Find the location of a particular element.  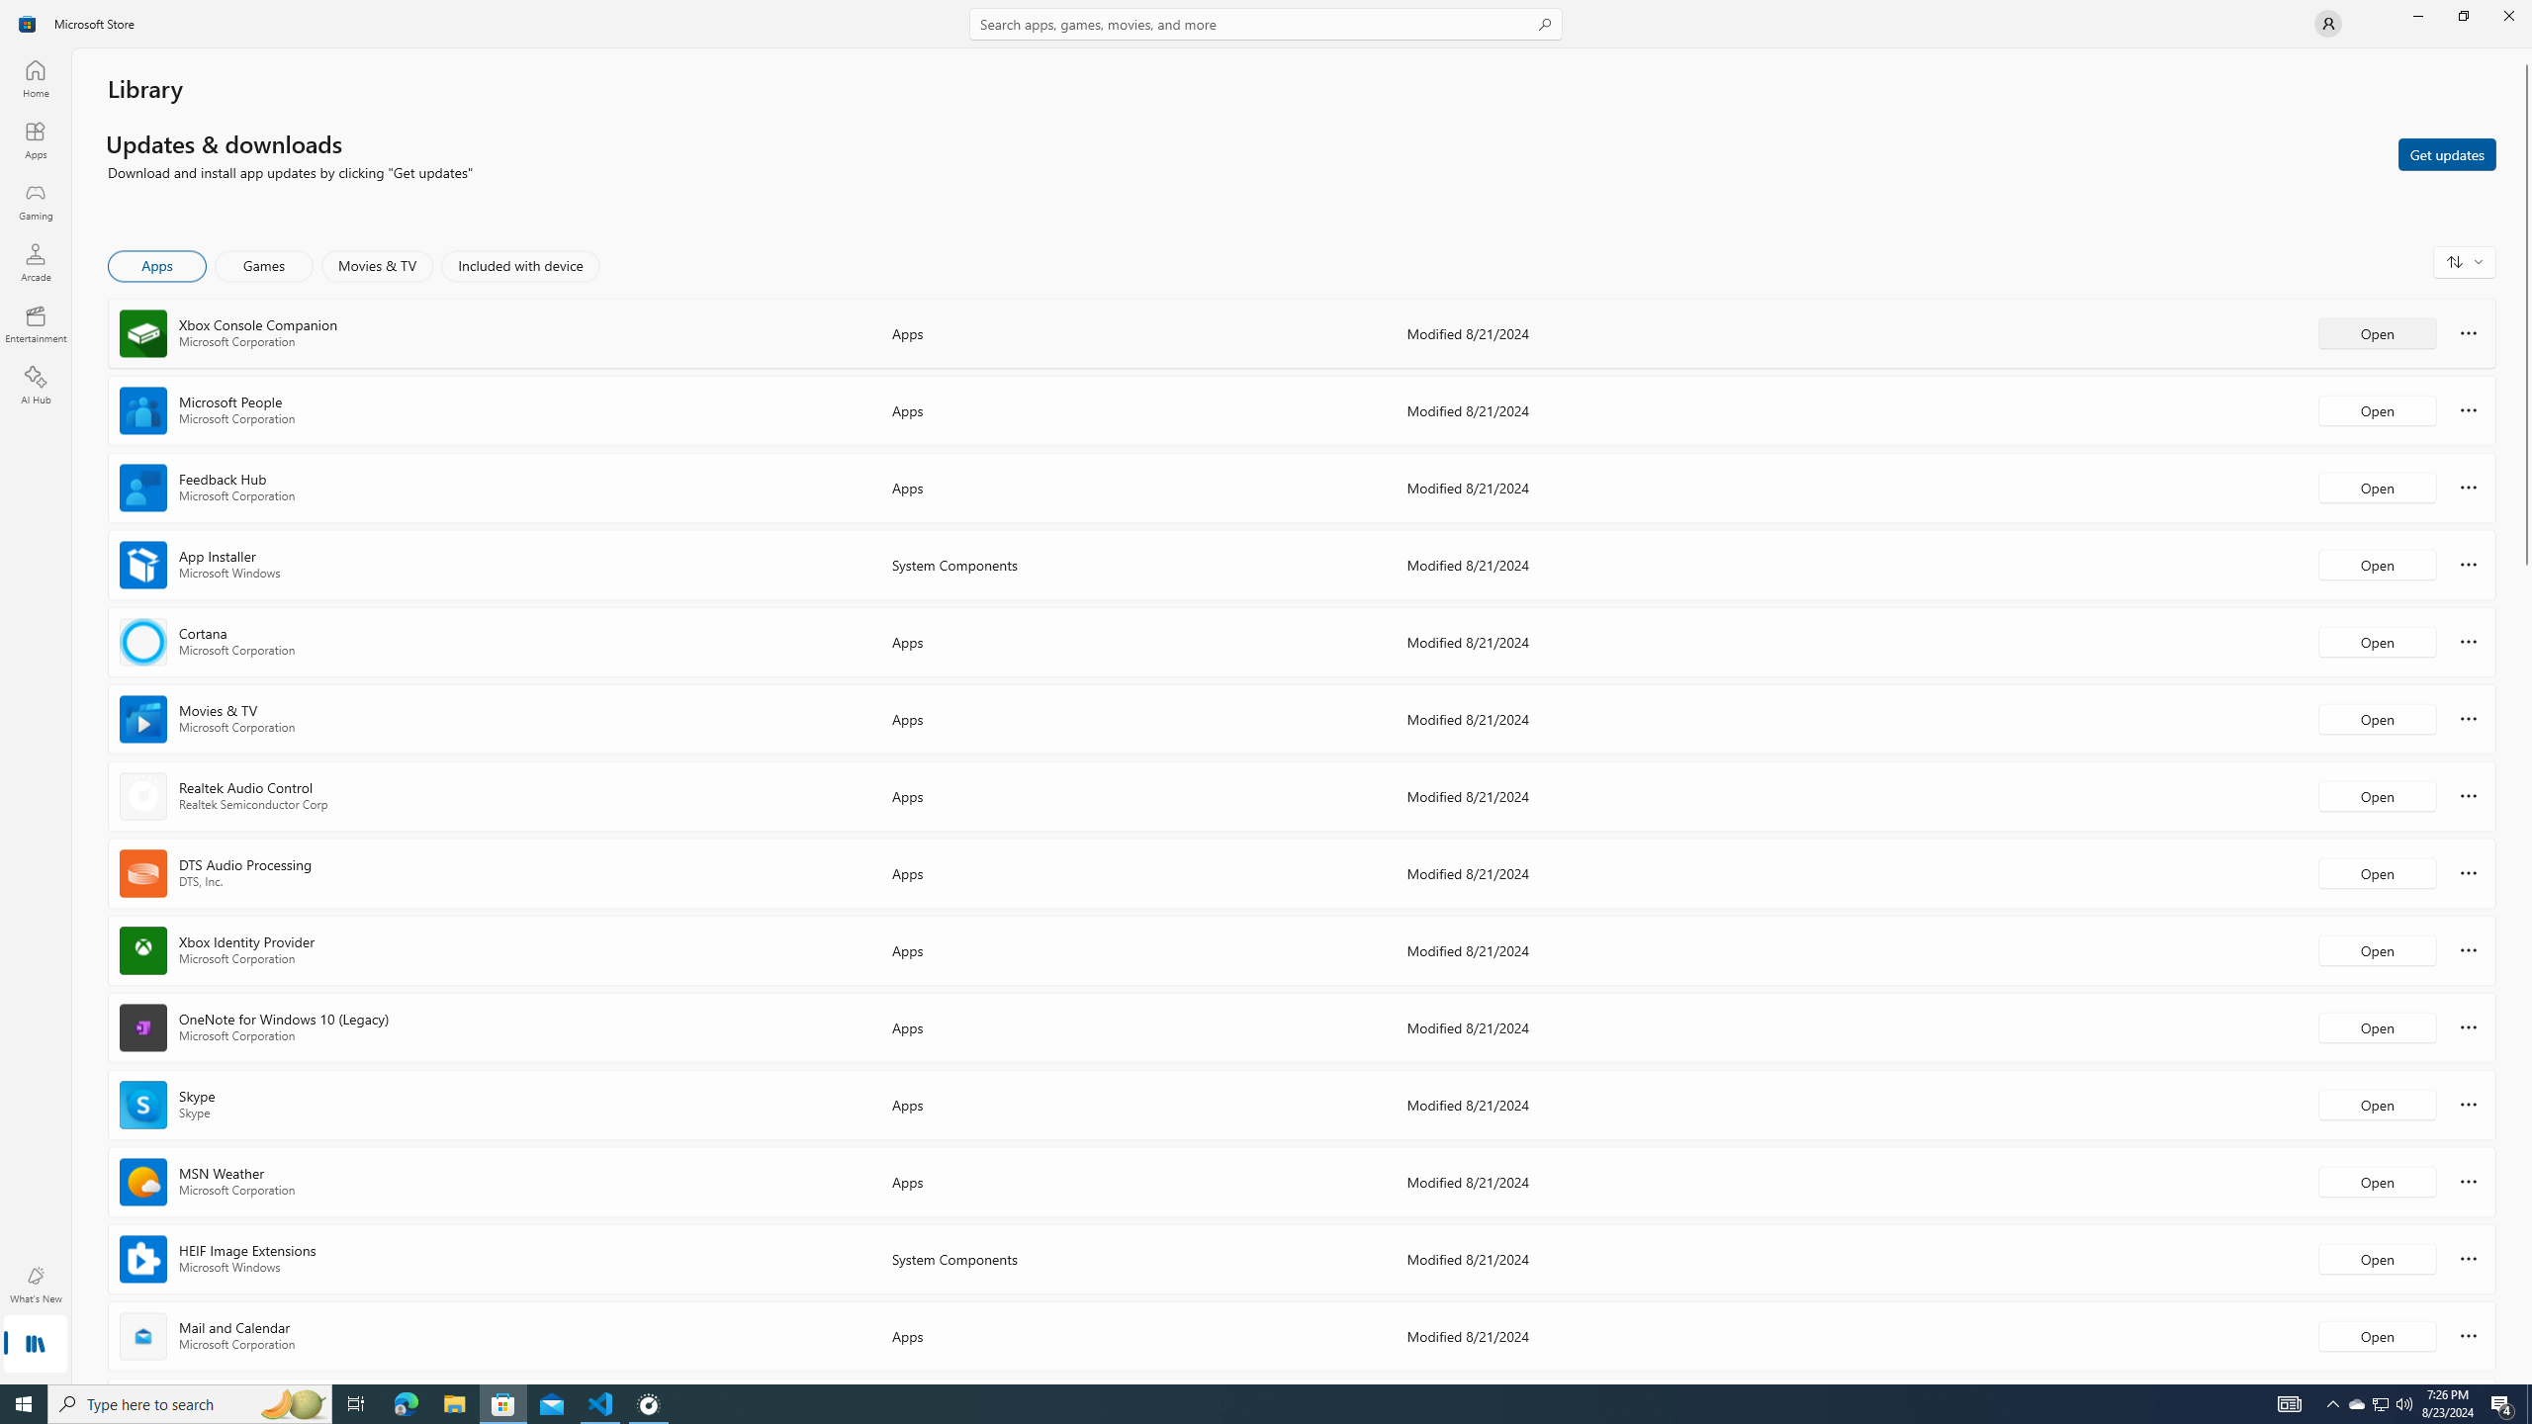

'User profile' is located at coordinates (2326, 22).